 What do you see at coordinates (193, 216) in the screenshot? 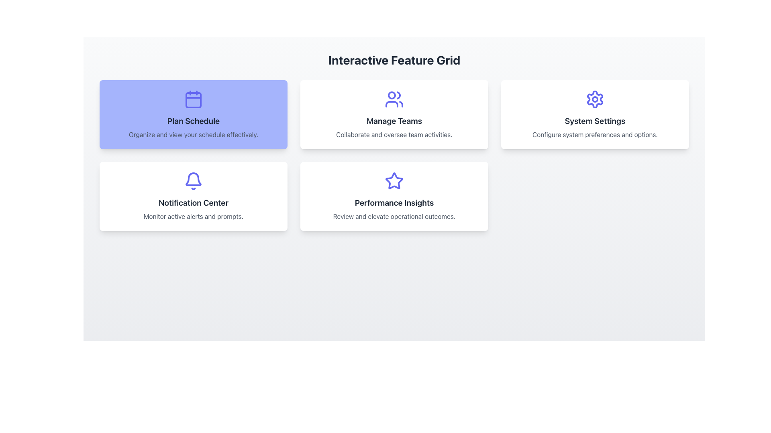
I see `the text label that reads 'Monitor active alerts and prompts.' which is styled with a center-aligned gray font and located at the bottom of the 'Notification Center' card` at bounding box center [193, 216].